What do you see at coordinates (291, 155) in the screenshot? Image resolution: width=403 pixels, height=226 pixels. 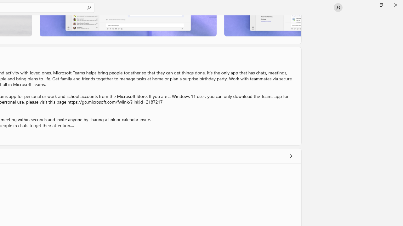 I see `'Show all ratings and reviews'` at bounding box center [291, 155].